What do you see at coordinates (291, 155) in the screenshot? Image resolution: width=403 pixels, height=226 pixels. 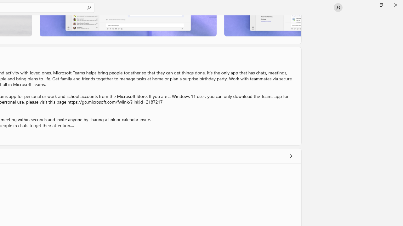 I see `'Show all ratings and reviews'` at bounding box center [291, 155].